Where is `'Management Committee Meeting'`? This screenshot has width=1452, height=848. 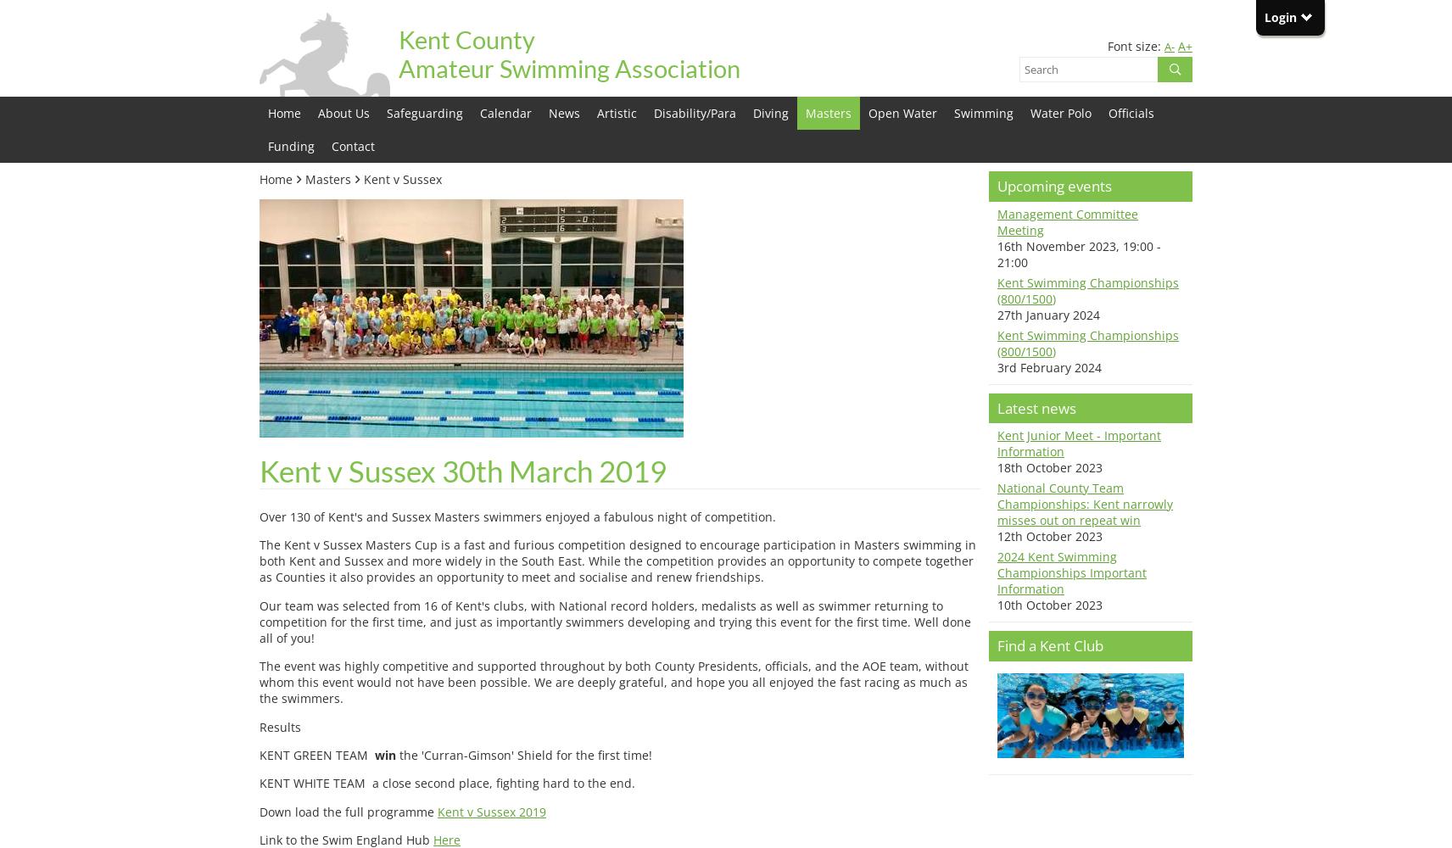 'Management Committee Meeting' is located at coordinates (1068, 221).